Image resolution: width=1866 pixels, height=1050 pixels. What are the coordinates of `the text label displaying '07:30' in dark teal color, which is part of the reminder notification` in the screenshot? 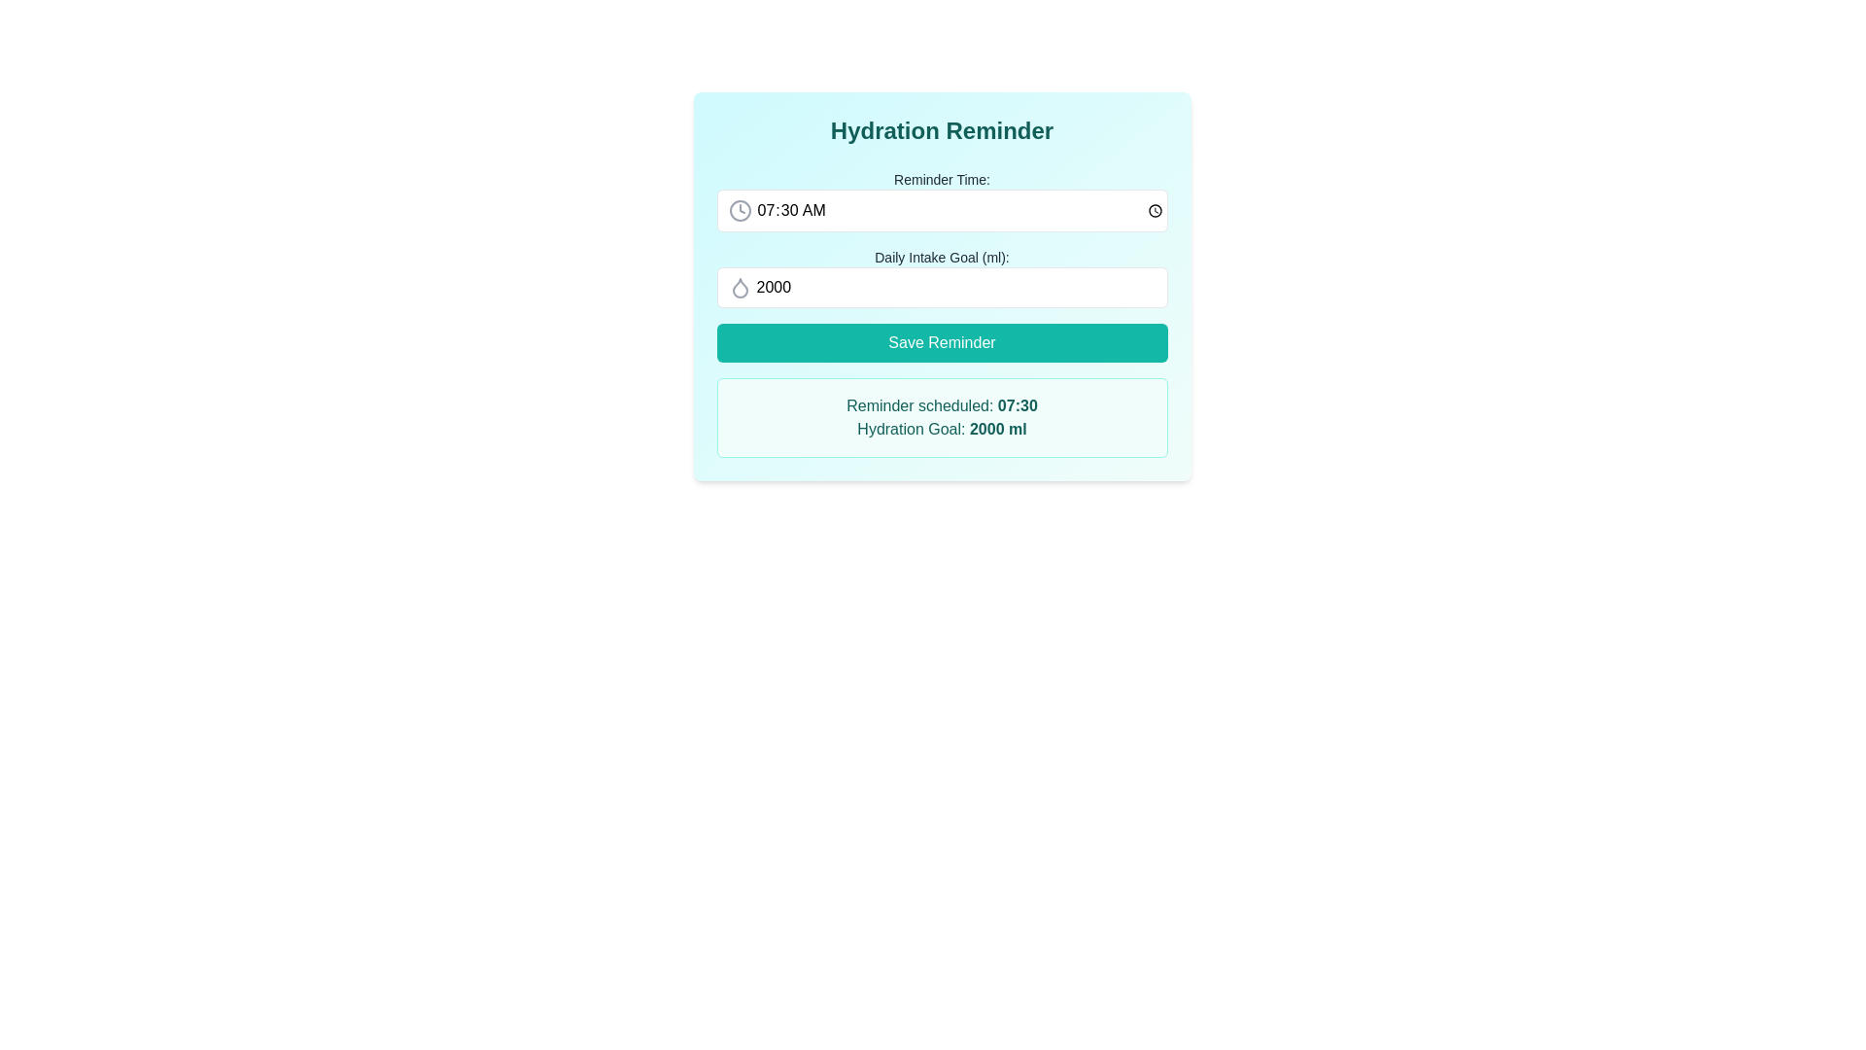 It's located at (1017, 404).